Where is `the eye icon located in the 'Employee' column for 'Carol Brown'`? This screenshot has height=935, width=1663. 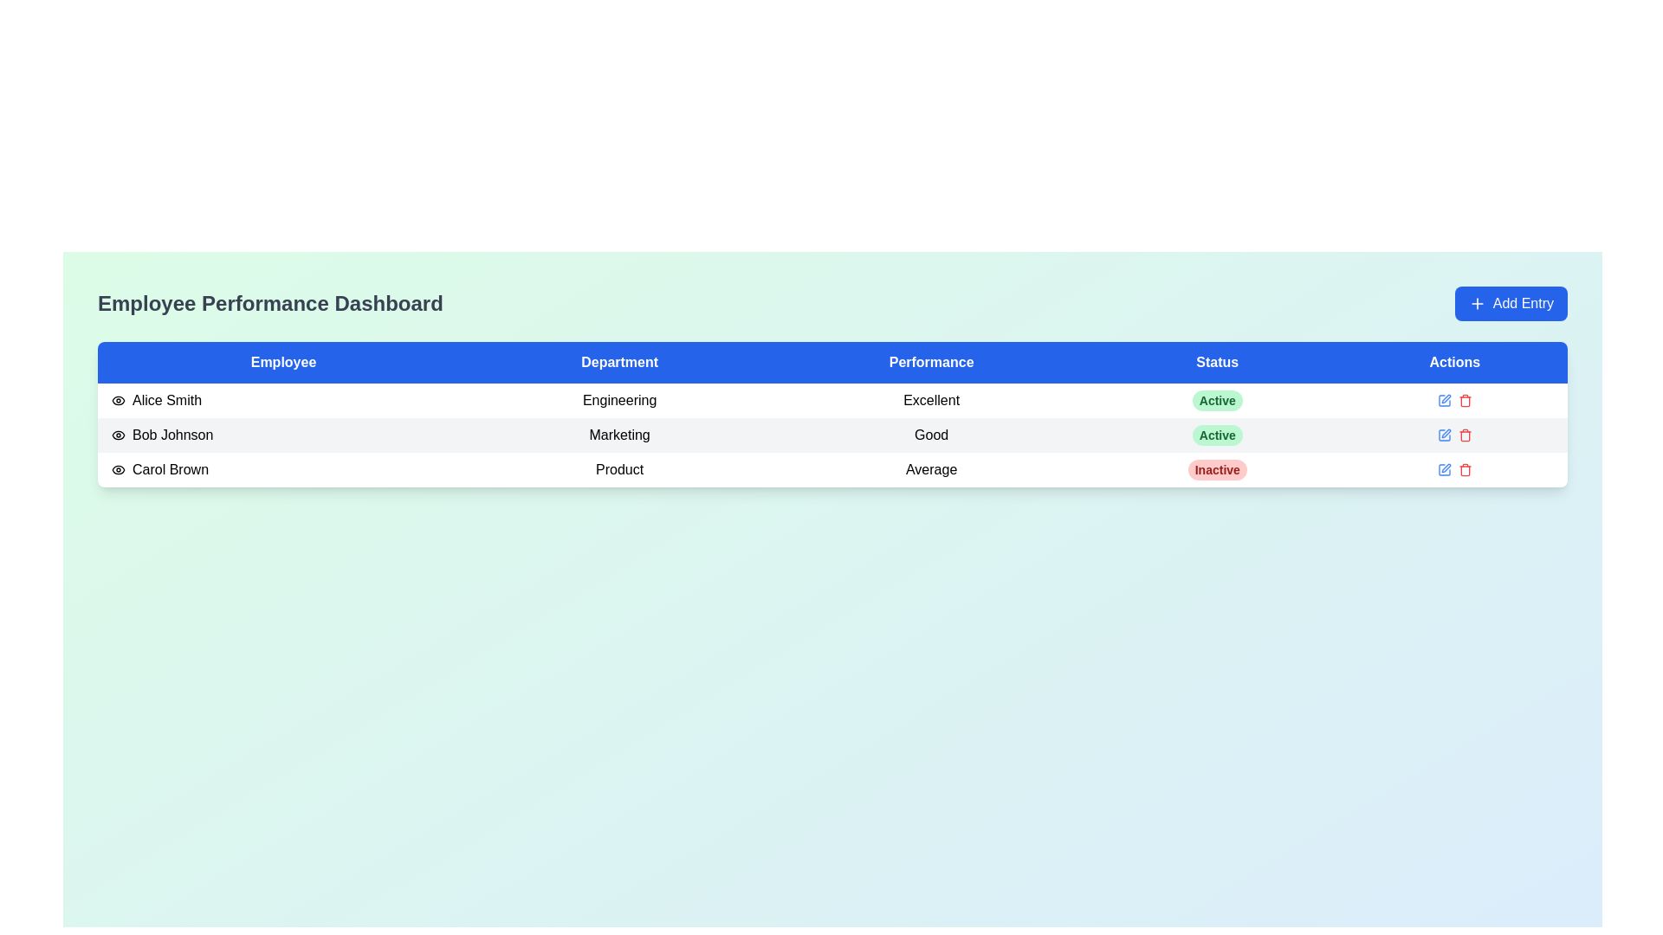 the eye icon located in the 'Employee' column for 'Carol Brown' is located at coordinates (118, 470).